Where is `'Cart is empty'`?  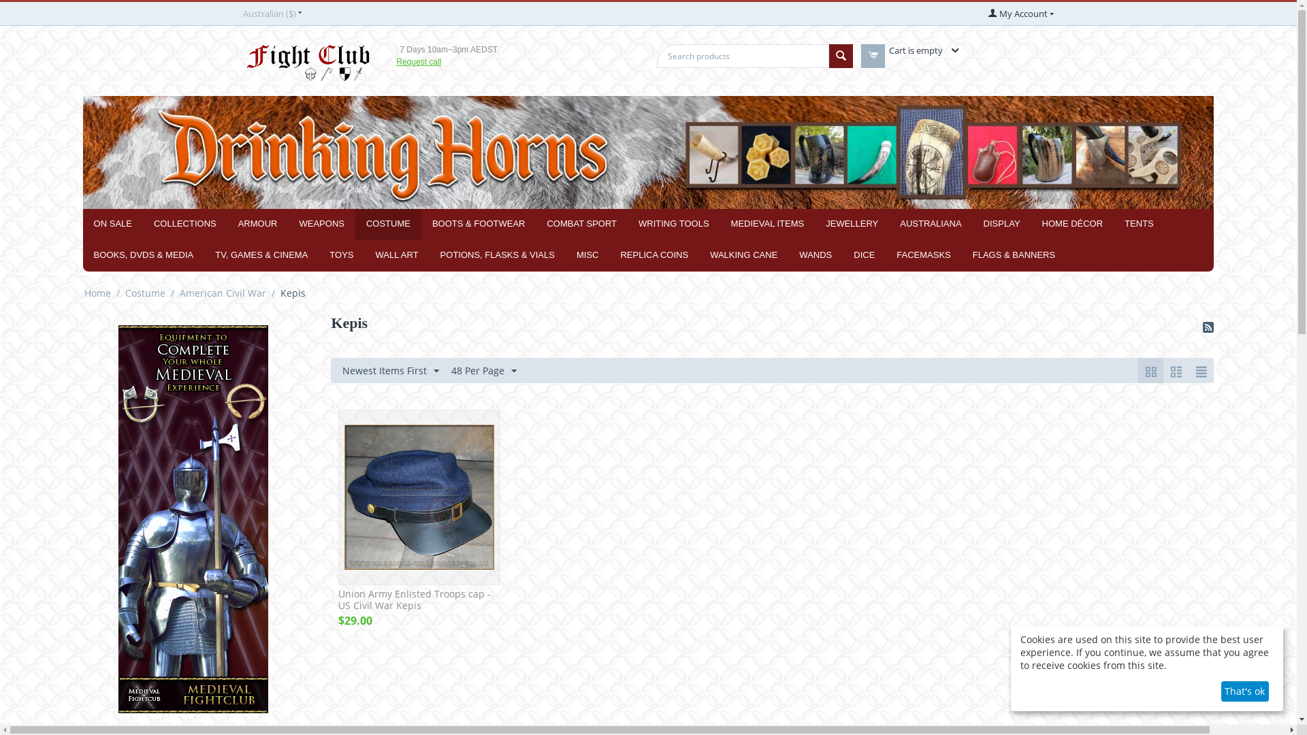 'Cart is empty' is located at coordinates (922, 49).